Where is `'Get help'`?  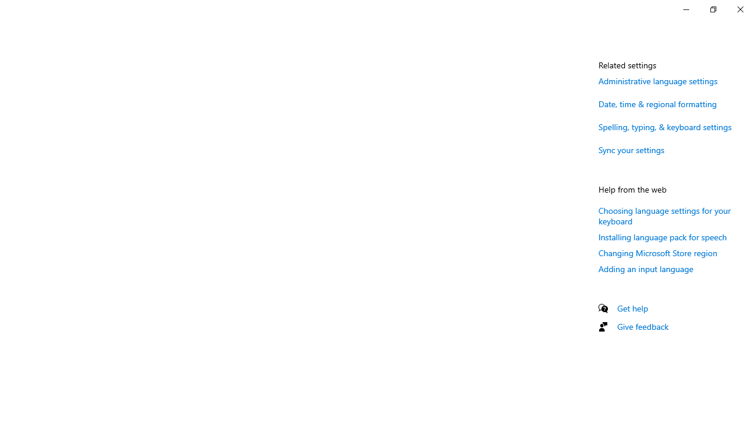
'Get help' is located at coordinates (632, 307).